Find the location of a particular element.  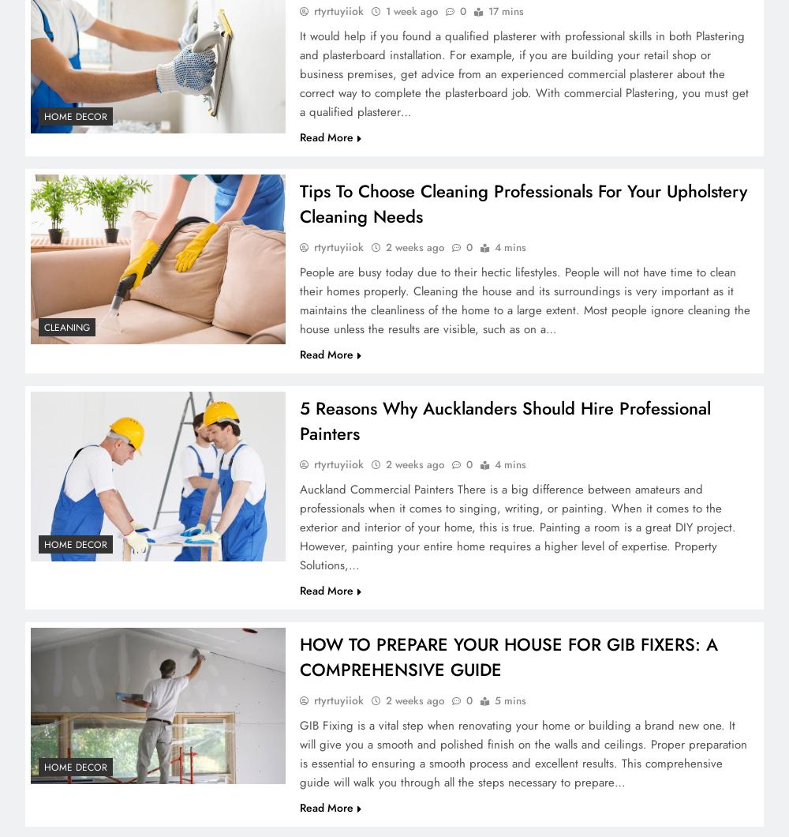

'3' is located at coordinates (118, 315).